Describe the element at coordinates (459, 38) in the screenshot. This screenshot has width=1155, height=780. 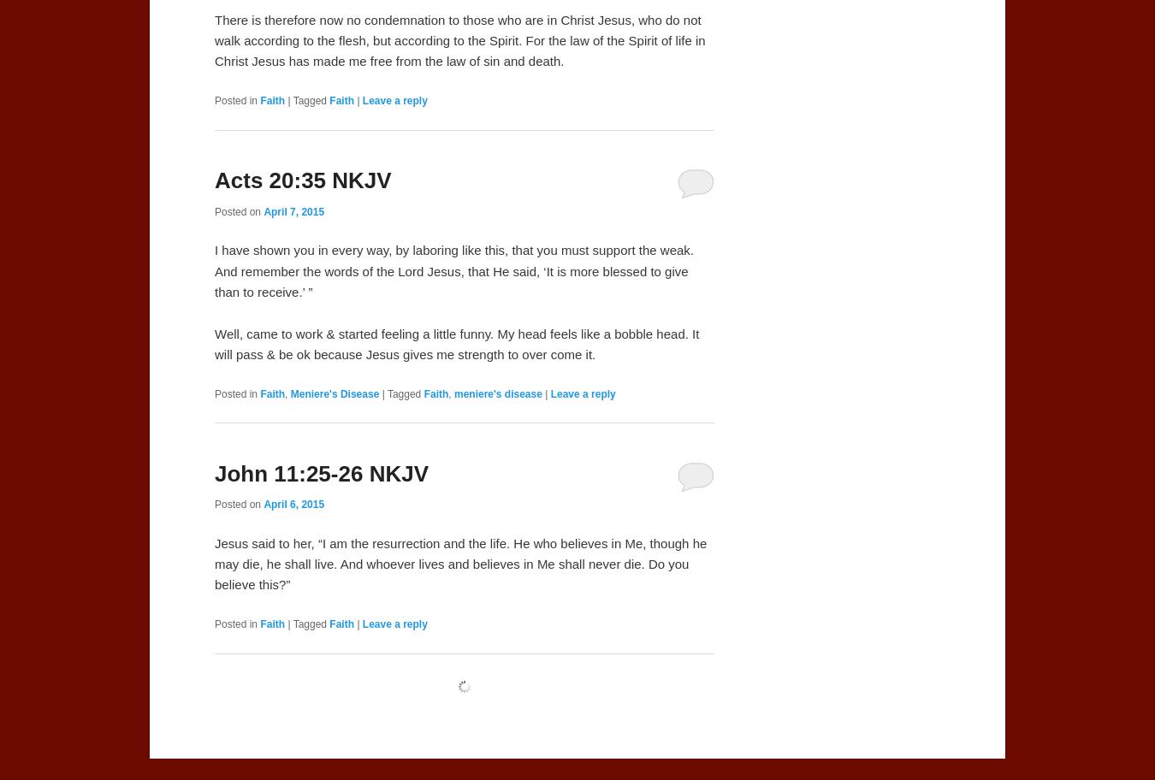
I see `'There is therefore now no condemnation to those who are in Christ Jesus, who do not walk according to the flesh, but according to the Spirit. For the law of the Spirit of life in Christ Jesus has made me free from the law of sin and death.'` at that location.